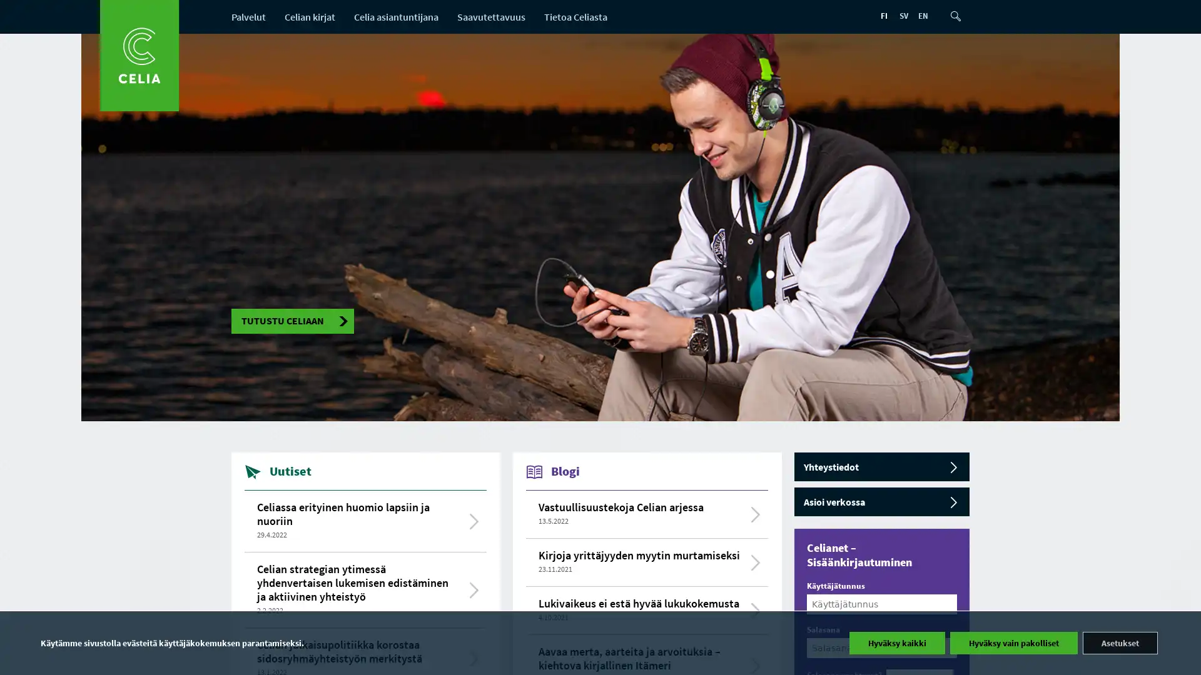  I want to click on Etsi, so click(959, 24).